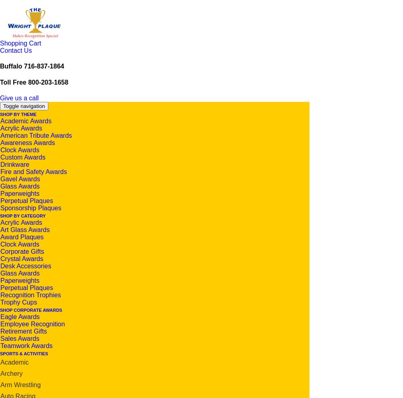 The height and width of the screenshot is (398, 403). What do you see at coordinates (25, 265) in the screenshot?
I see `'Desk Accessories'` at bounding box center [25, 265].